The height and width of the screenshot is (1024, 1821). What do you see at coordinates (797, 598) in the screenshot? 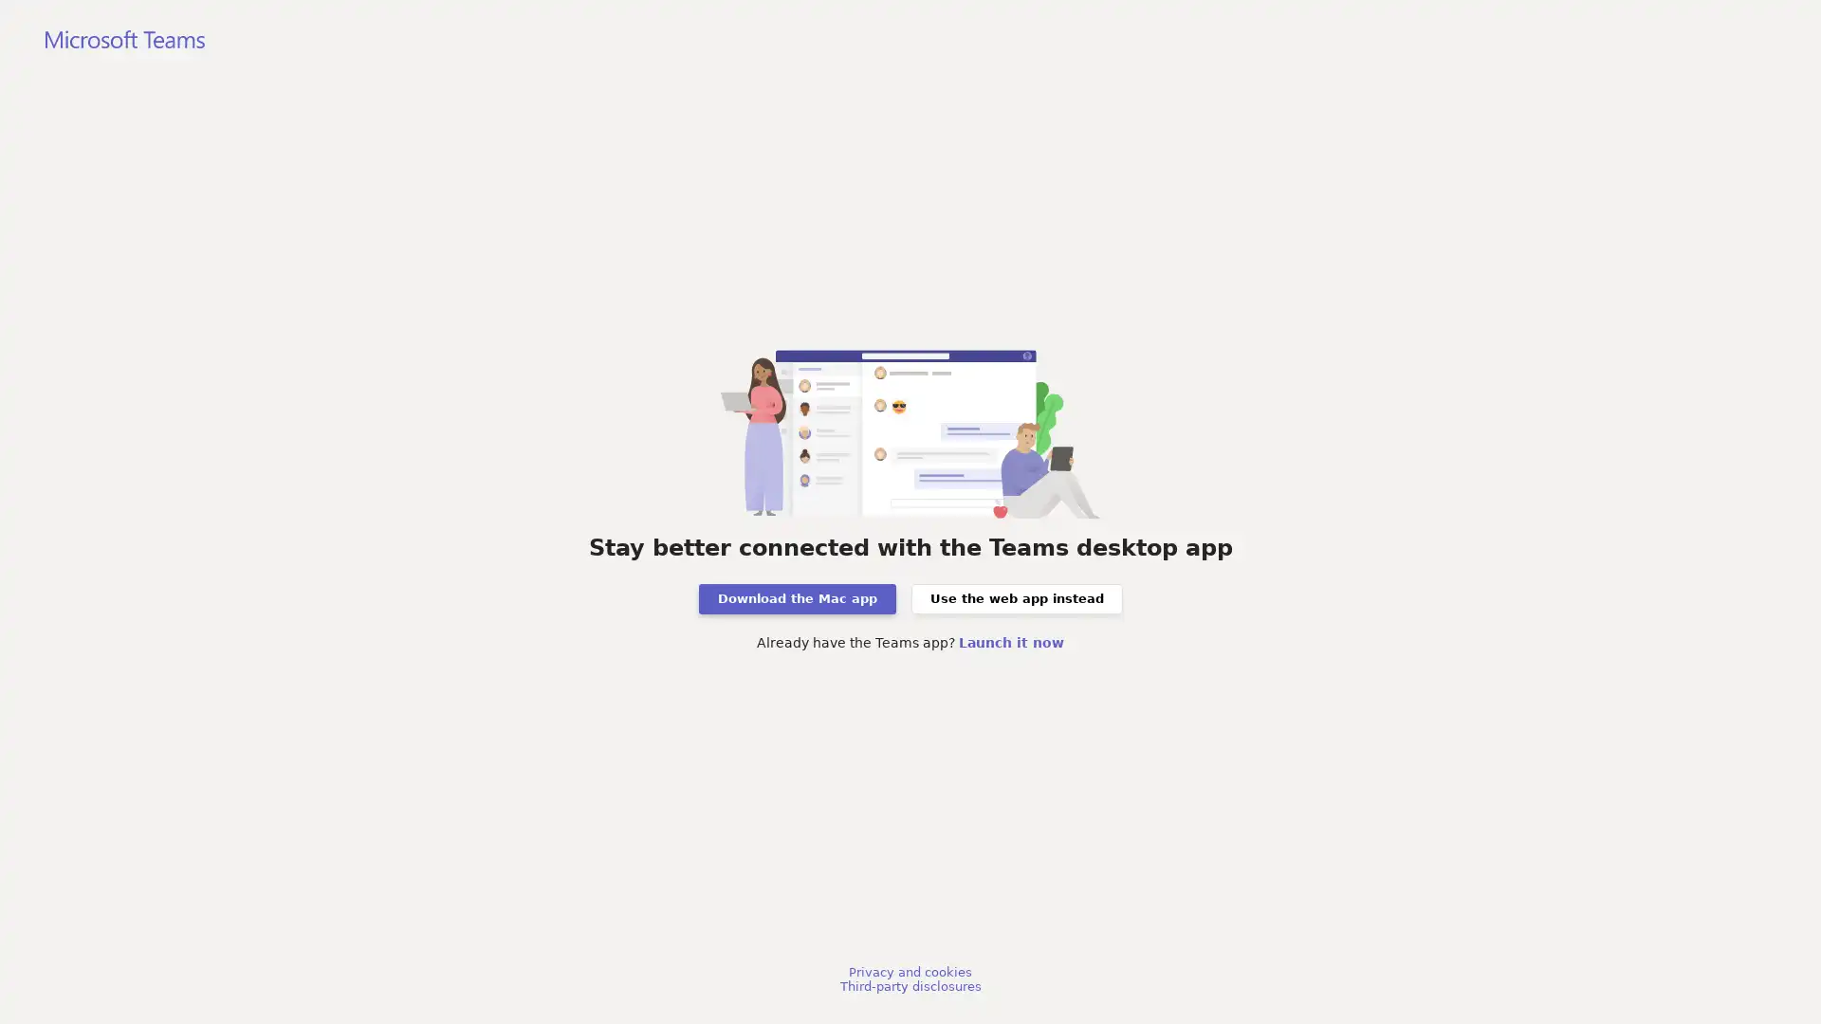
I see `Download the Mac app` at bounding box center [797, 598].